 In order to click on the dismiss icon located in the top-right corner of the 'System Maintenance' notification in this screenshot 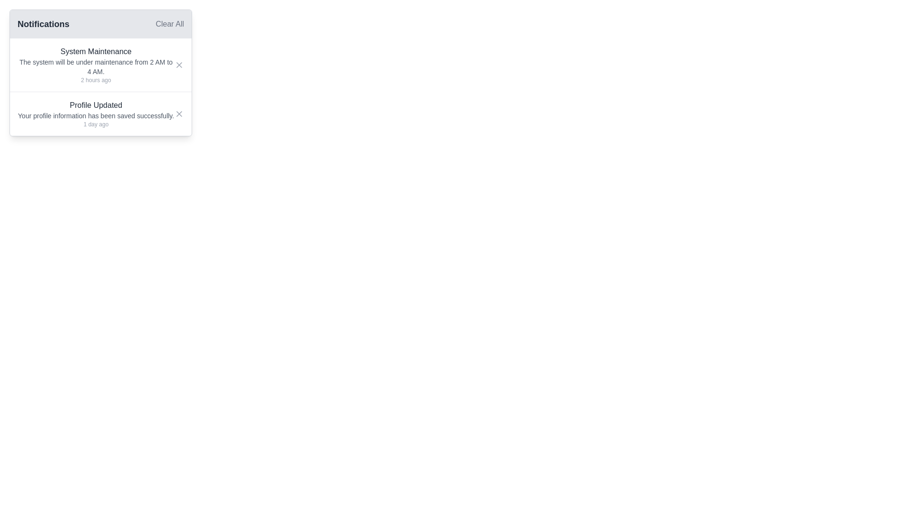, I will do `click(179, 65)`.